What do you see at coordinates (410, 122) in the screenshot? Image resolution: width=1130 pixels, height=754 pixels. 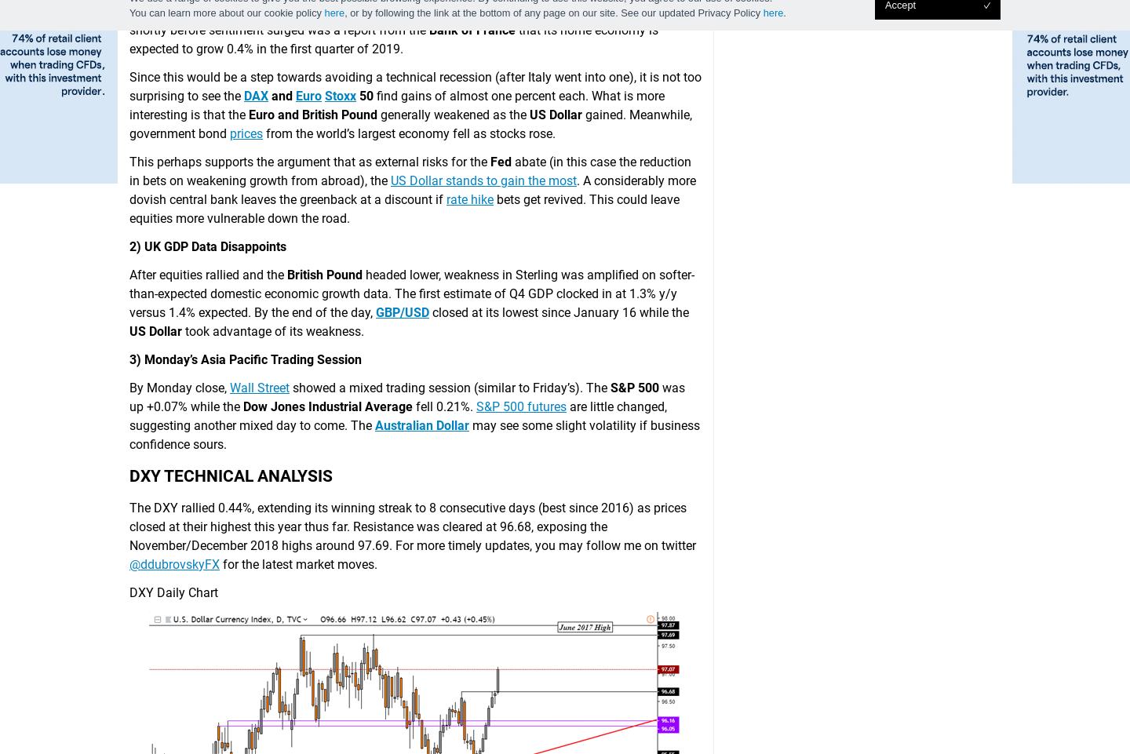 I see `'gained. Meanwhile, government bond'` at bounding box center [410, 122].